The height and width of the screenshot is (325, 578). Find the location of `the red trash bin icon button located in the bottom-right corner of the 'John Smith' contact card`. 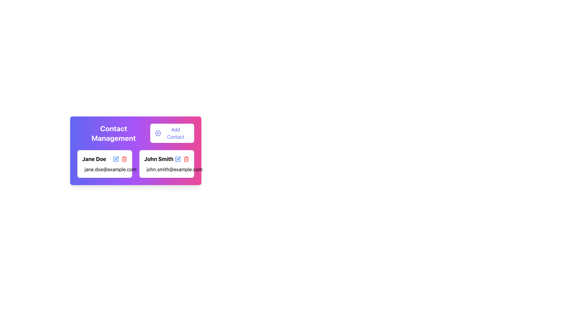

the red trash bin icon button located in the bottom-right corner of the 'John Smith' contact card is located at coordinates (186, 159).